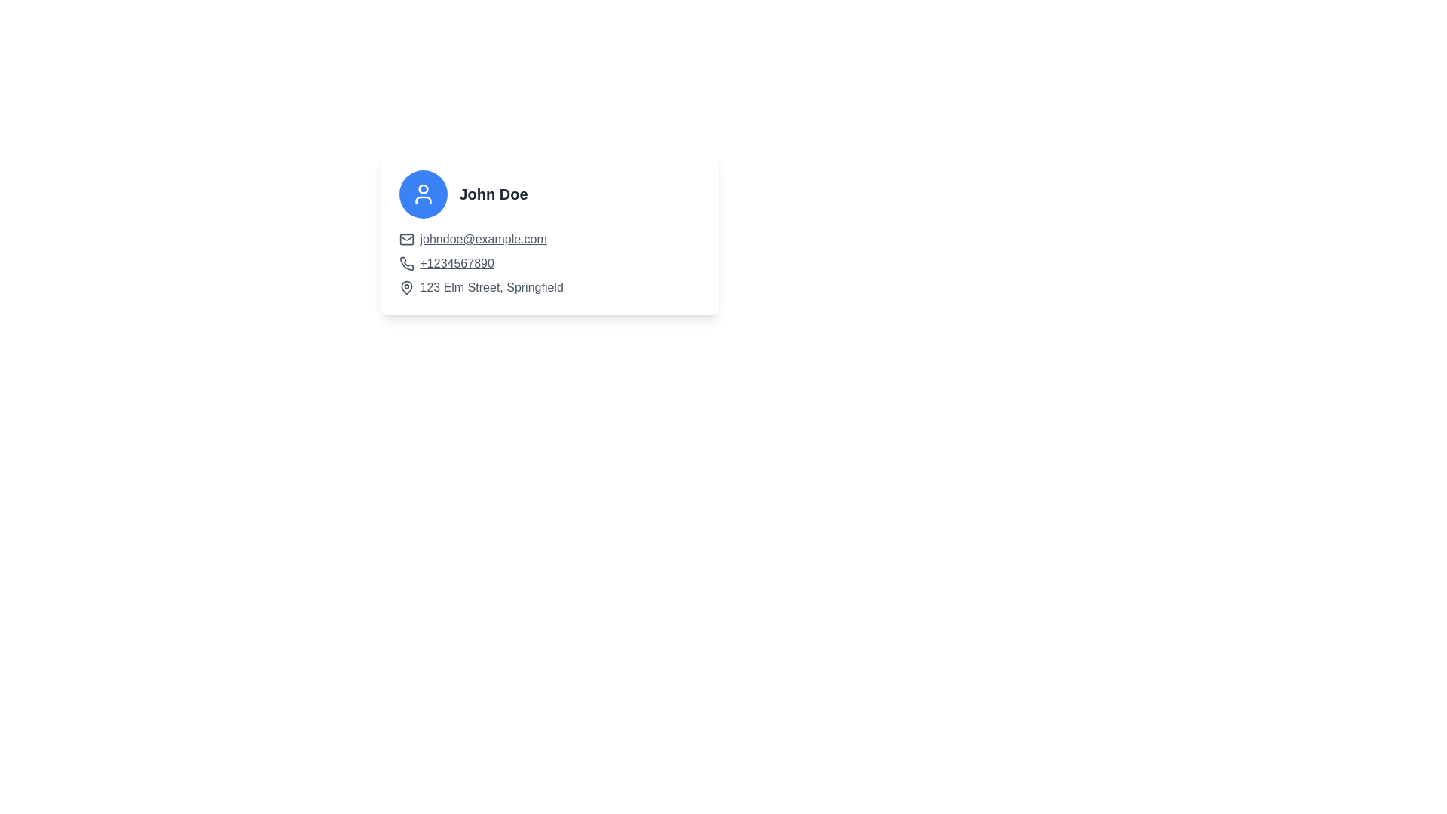 The width and height of the screenshot is (1447, 814). I want to click on the hyperlink displaying the email address 'johndoe@example.com', so click(483, 238).